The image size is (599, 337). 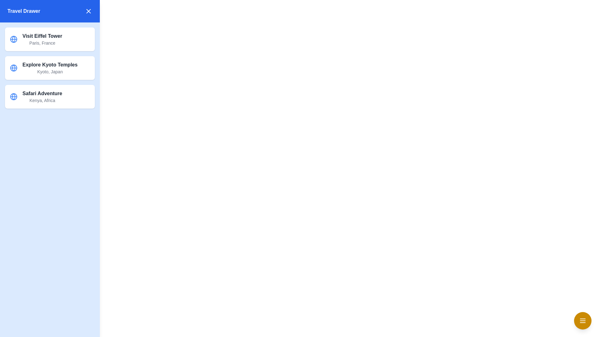 I want to click on the circular menu button located at the bottom-right corner of the interface, which has a yellow background and shadowed styling, so click(x=582, y=321).